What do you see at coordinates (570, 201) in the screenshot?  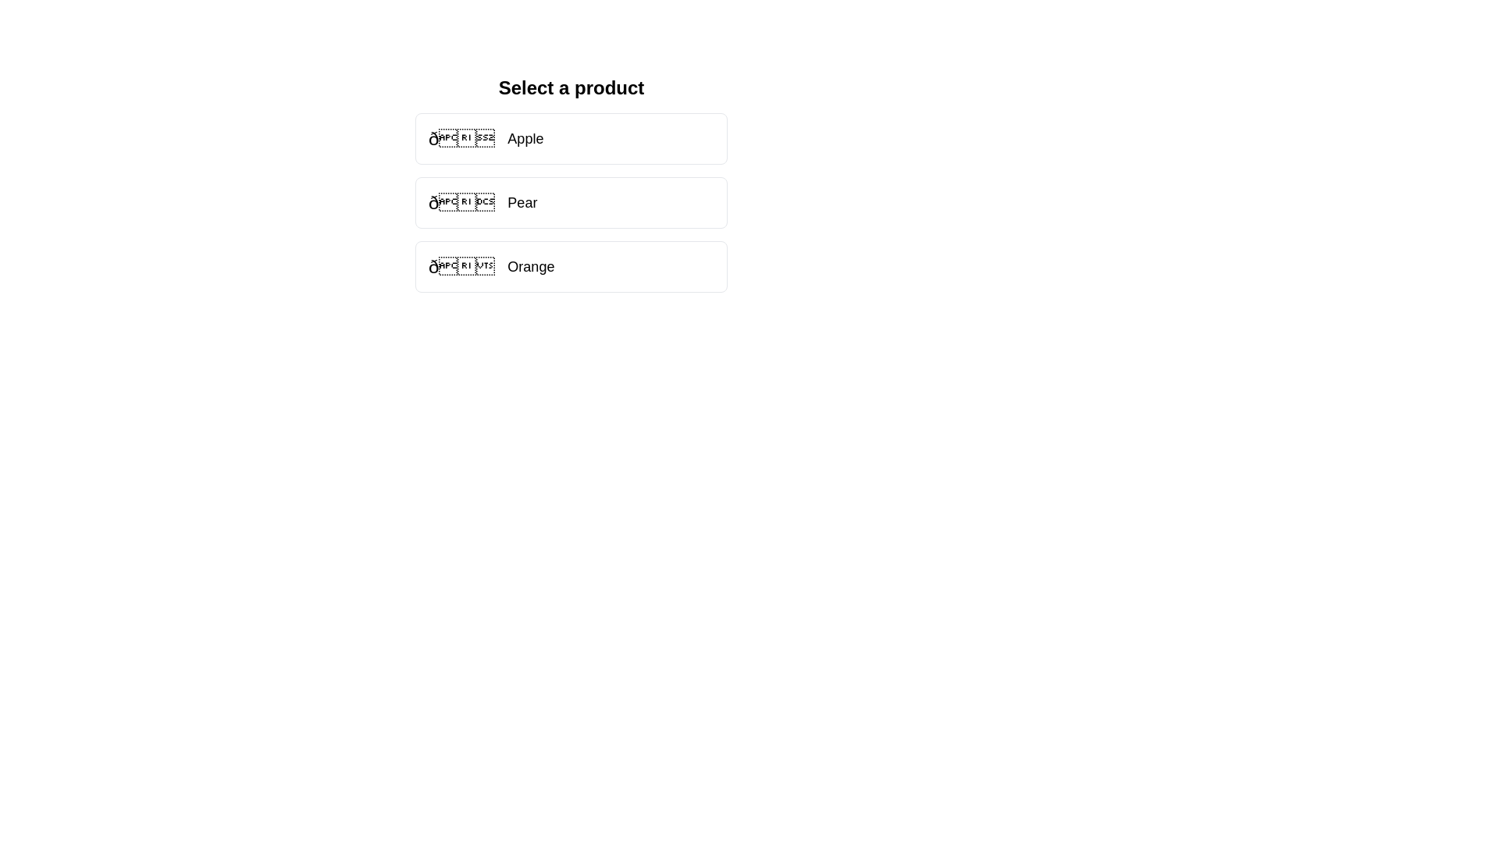 I see `the second item labeled 'Pear' in the list titled 'Select a product'` at bounding box center [570, 201].